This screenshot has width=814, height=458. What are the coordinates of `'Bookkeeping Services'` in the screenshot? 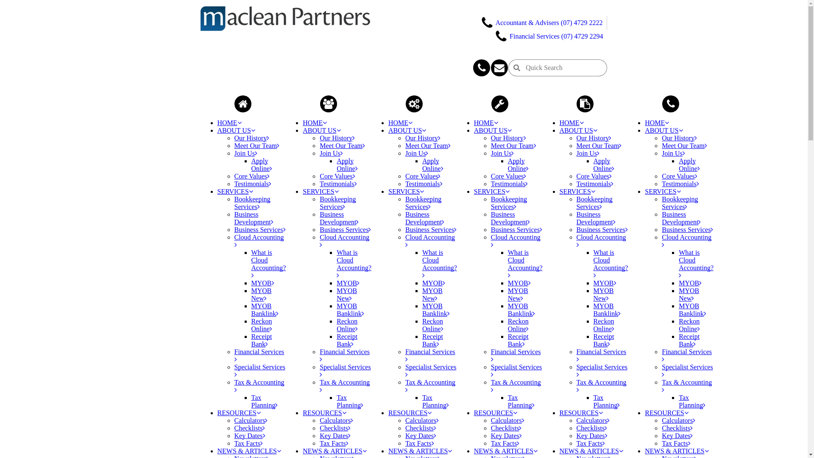 It's located at (251, 203).